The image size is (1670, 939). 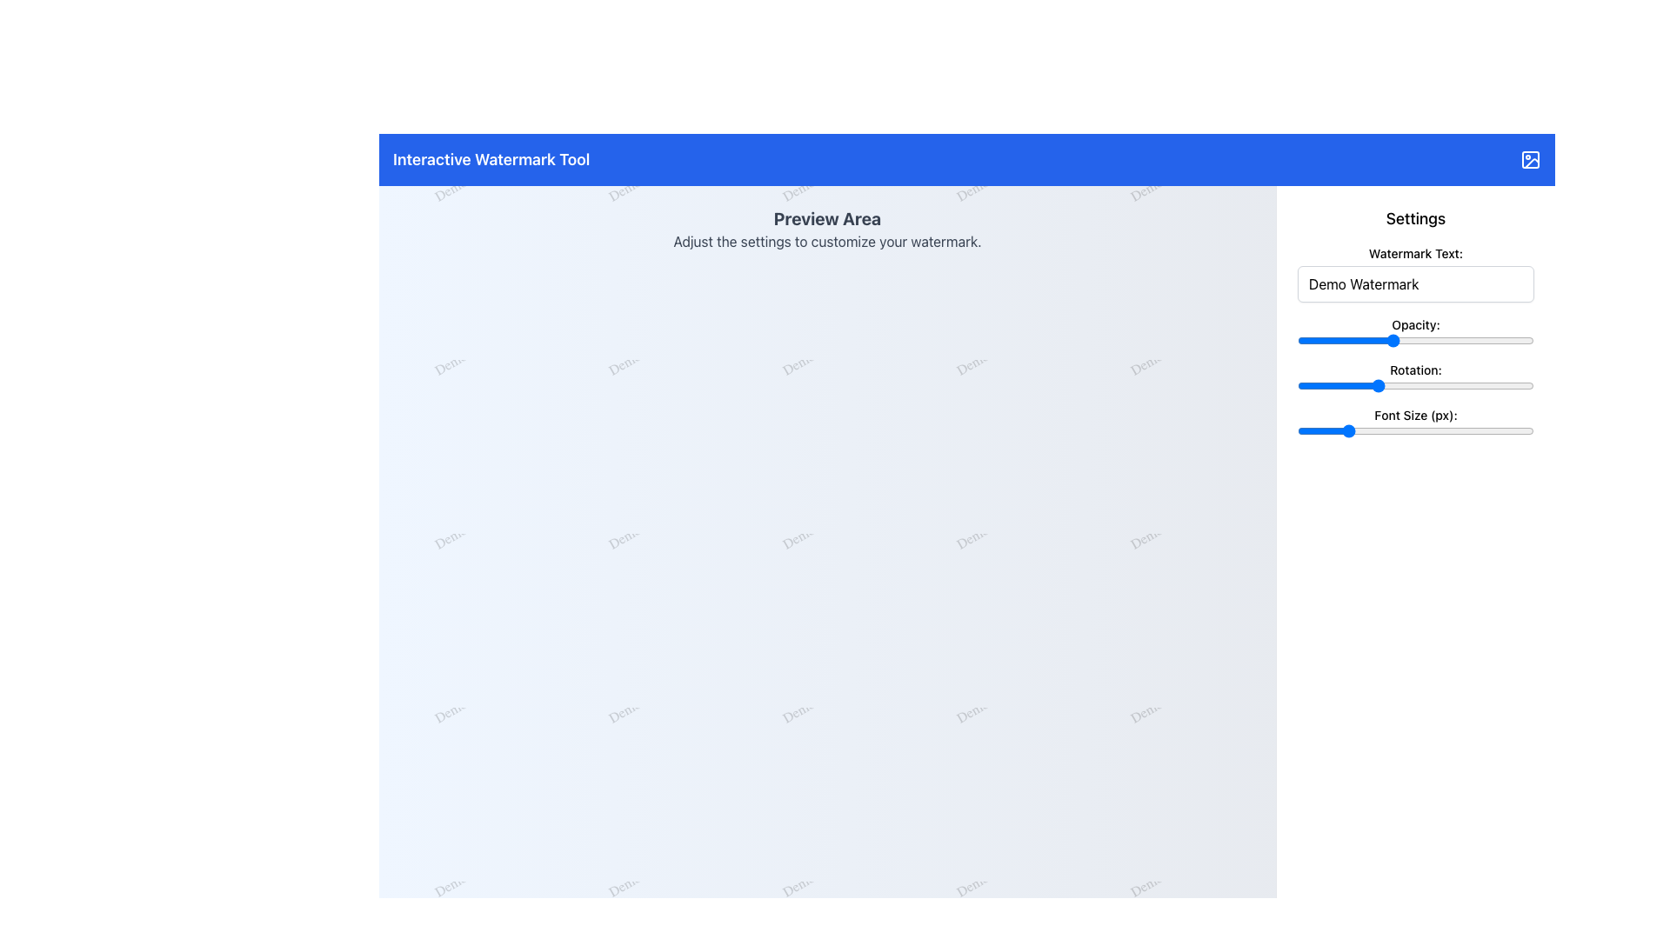 What do you see at coordinates (1417, 384) in the screenshot?
I see `rotation` at bounding box center [1417, 384].